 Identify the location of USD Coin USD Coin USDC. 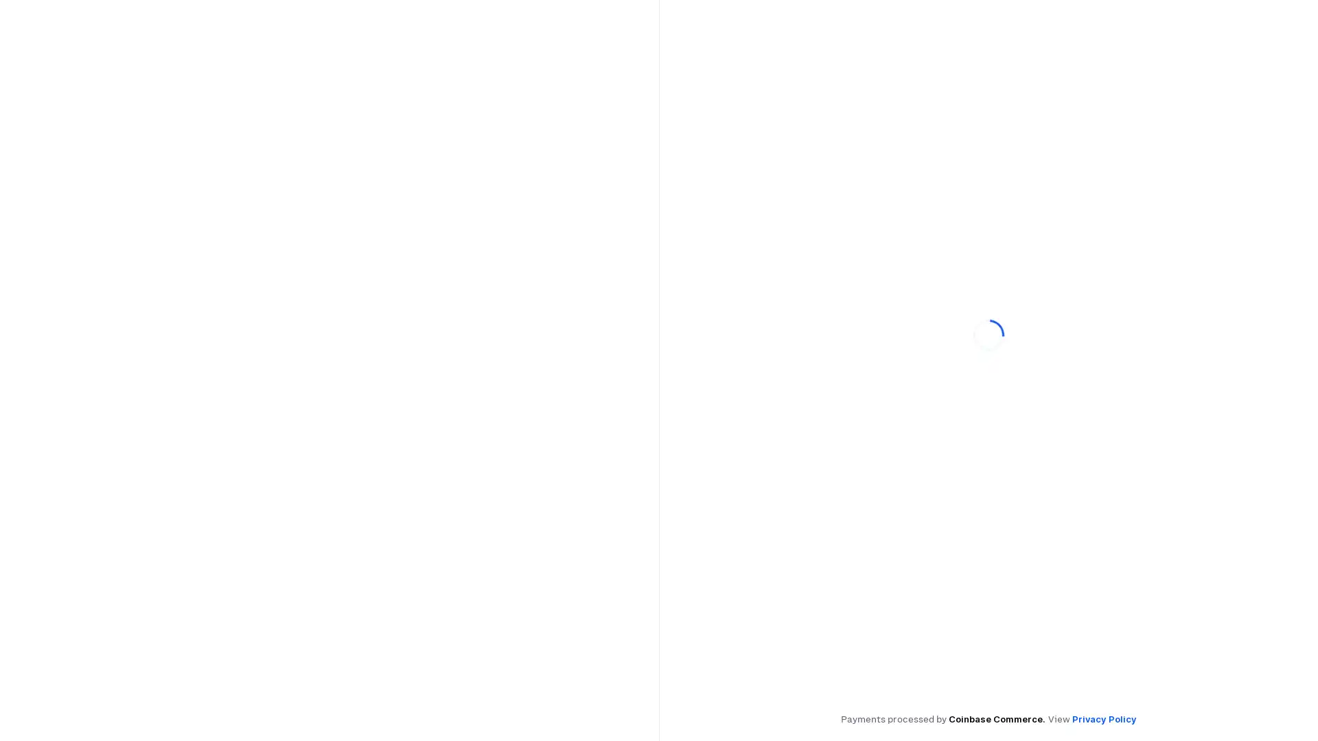
(1061, 331).